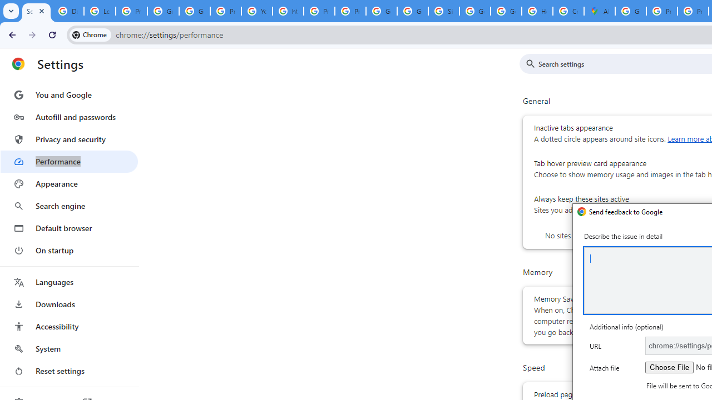  I want to click on 'Reset settings', so click(68, 371).